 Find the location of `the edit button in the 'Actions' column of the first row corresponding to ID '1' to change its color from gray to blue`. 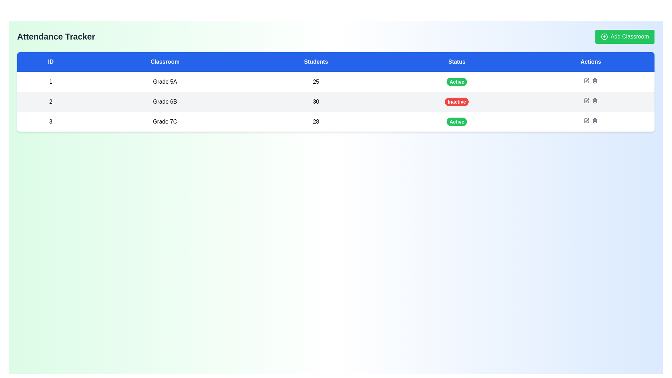

the edit button in the 'Actions' column of the first row corresponding to ID '1' to change its color from gray to blue is located at coordinates (587, 80).